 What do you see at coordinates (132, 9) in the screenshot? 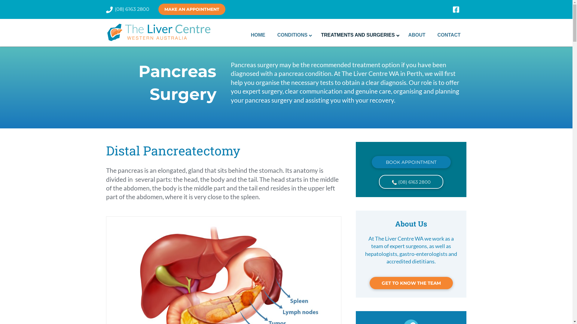
I see `'(08) 6163 2800'` at bounding box center [132, 9].